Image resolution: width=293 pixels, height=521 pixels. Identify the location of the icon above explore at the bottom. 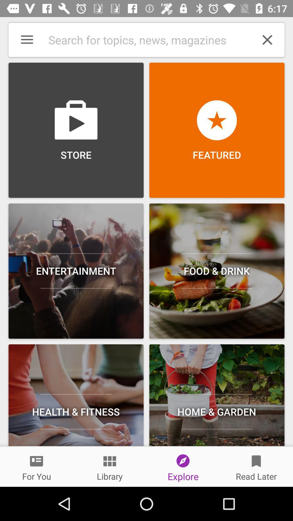
(183, 460).